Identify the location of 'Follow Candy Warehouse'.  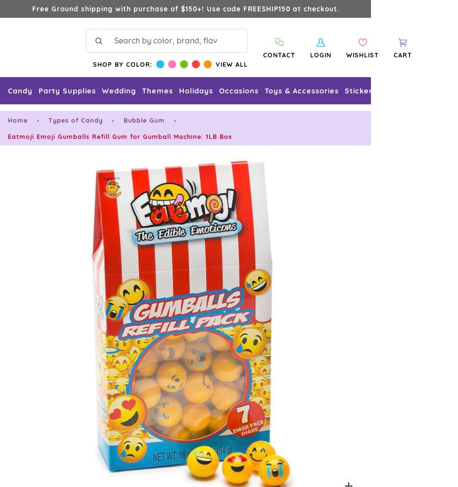
(185, 55).